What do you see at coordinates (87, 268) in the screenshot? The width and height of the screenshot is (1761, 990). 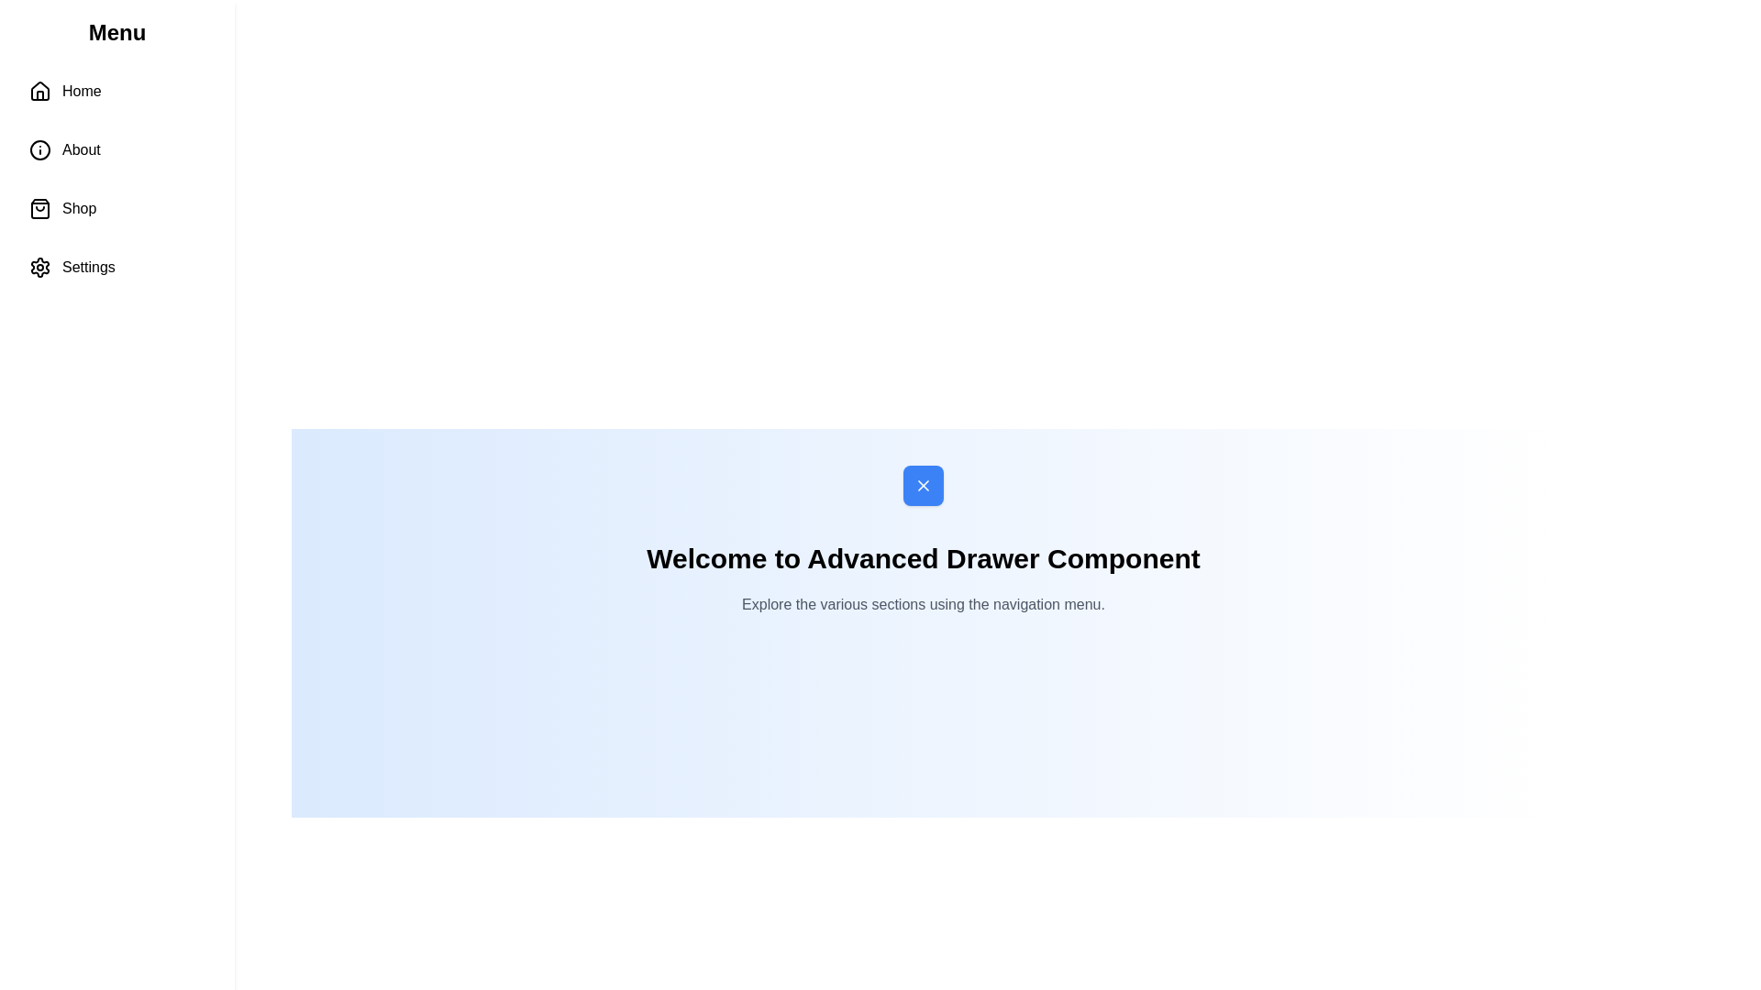 I see `the 'Settings' text label in the navigation menu` at bounding box center [87, 268].